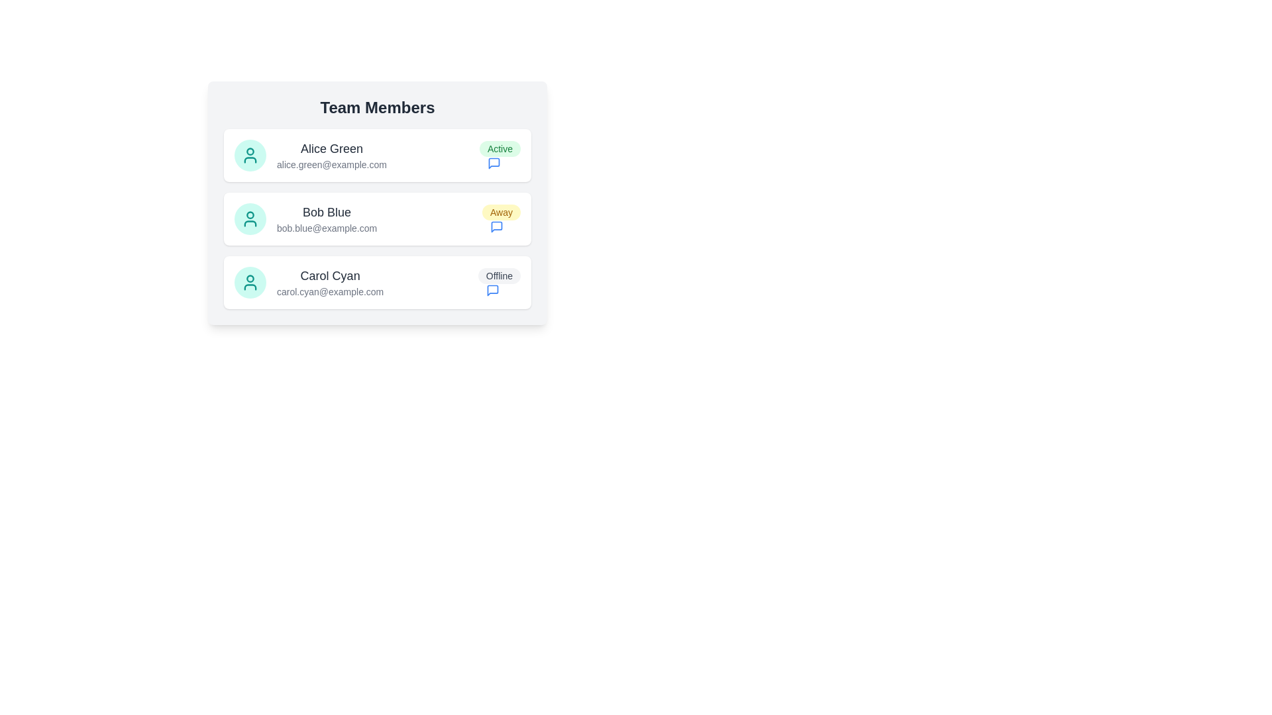  Describe the element at coordinates (327, 218) in the screenshot. I see `the text display element showing 'Bob Blue' and 'bob.blue@example.com' located in the middle entry of the 'Team Members' list` at that location.